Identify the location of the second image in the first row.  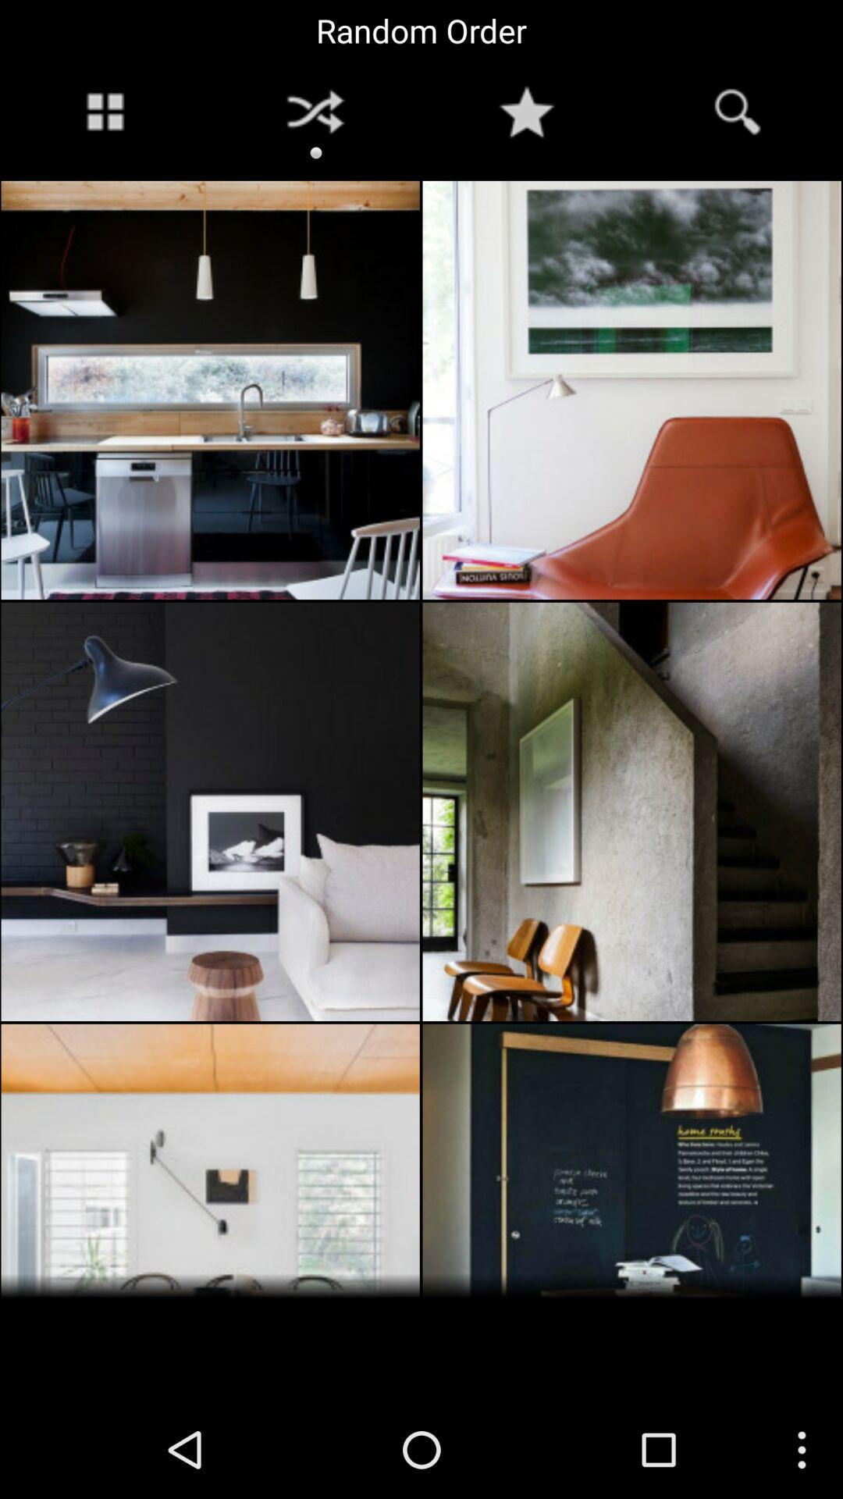
(632, 390).